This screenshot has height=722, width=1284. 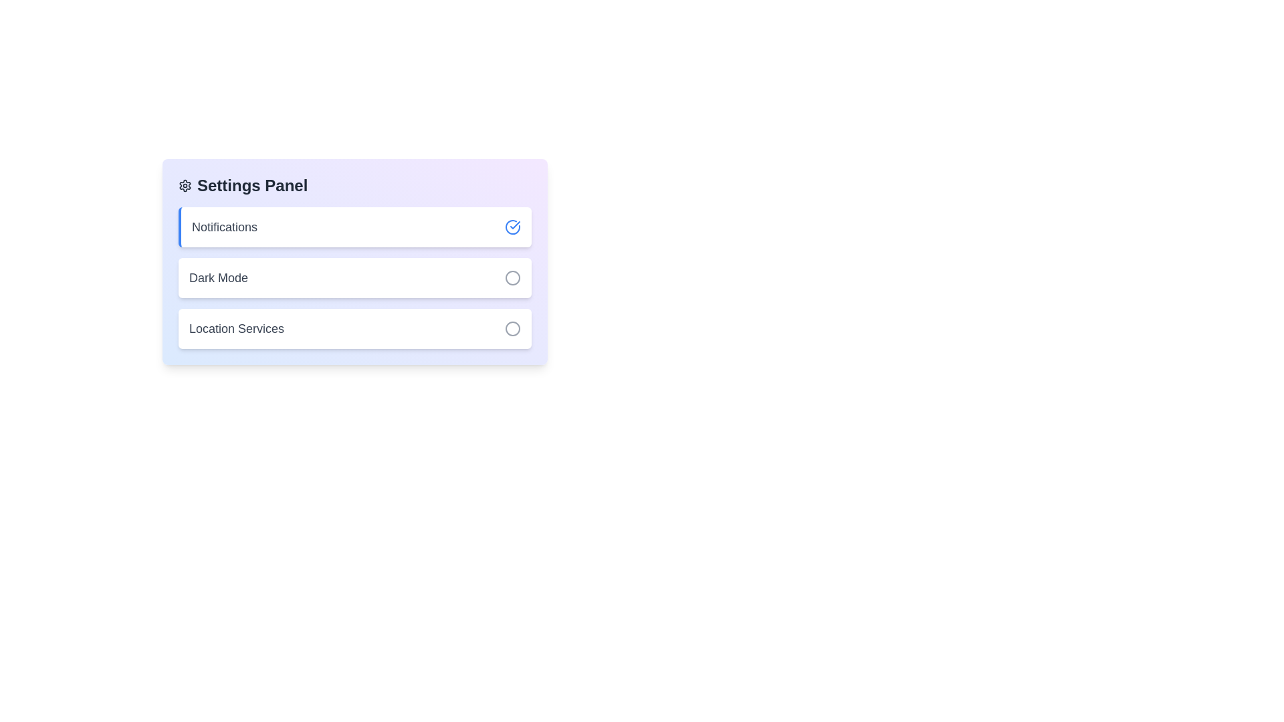 What do you see at coordinates (512, 226) in the screenshot?
I see `the toggle button for Notifications to change its state` at bounding box center [512, 226].